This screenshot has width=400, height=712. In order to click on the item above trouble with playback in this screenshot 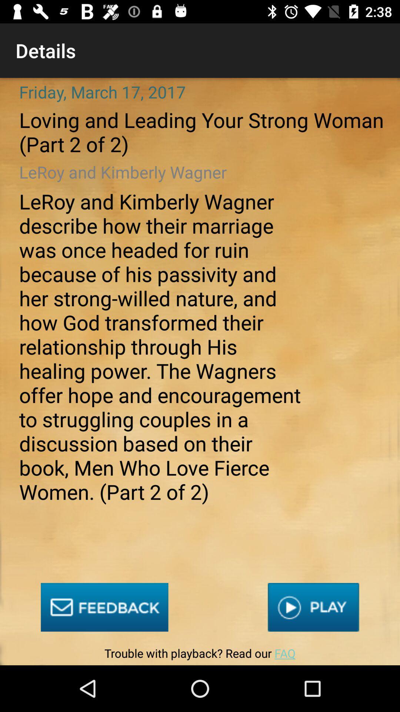, I will do `click(313, 607)`.